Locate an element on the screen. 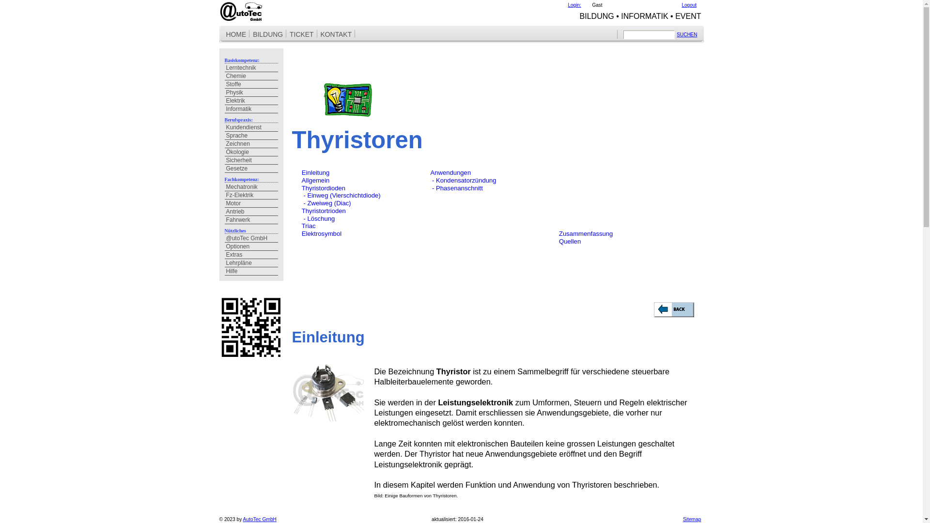 The height and width of the screenshot is (523, 930). 'Triac' is located at coordinates (308, 226).